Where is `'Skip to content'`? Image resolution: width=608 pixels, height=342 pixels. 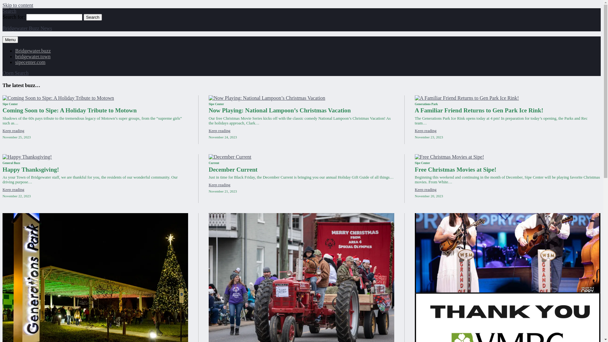
'Skip to content' is located at coordinates (3, 5).